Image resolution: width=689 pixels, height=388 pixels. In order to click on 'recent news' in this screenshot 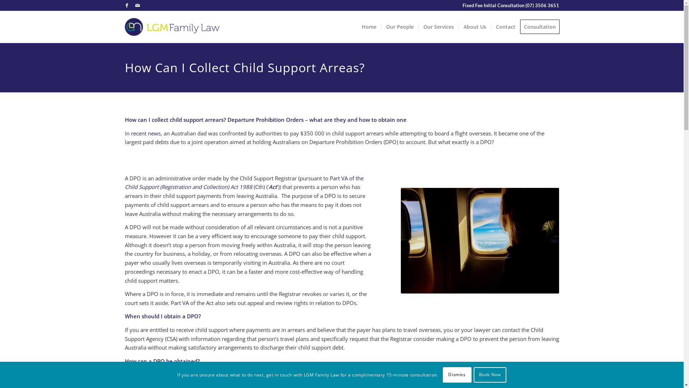, I will do `click(145, 133)`.